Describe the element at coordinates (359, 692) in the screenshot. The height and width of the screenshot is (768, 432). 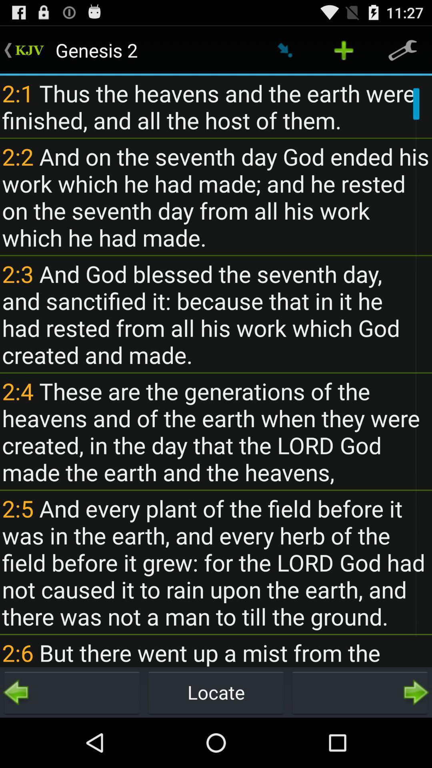
I see `next` at that location.